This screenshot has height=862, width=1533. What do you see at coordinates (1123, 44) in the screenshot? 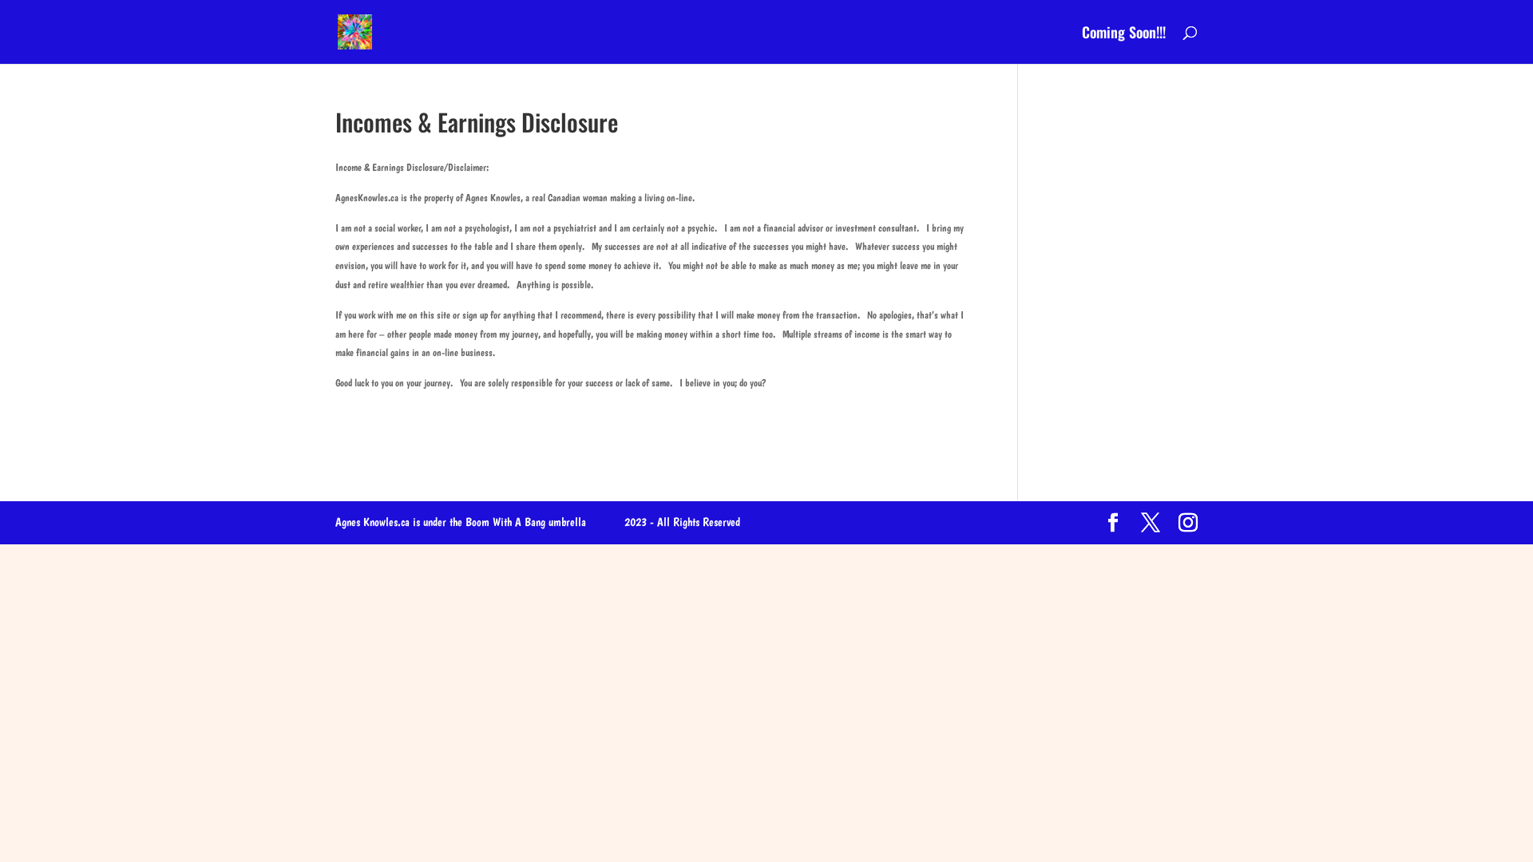
I see `'Coming Soon!!!'` at bounding box center [1123, 44].